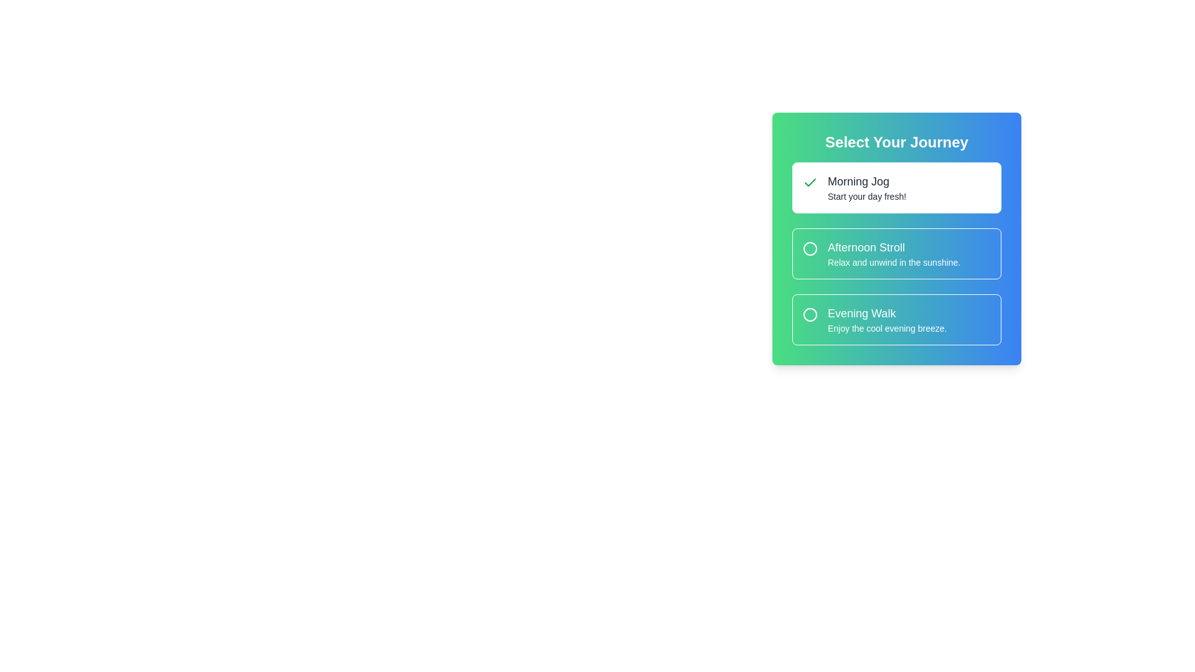  Describe the element at coordinates (886, 319) in the screenshot. I see `the text label that displays 'Evening Walk' prominently with a smaller line below saying 'Enjoy the cool evening breeze'. This label is located in the third segment of a vertical list of options, below 'Afternoon Stroll'` at that location.